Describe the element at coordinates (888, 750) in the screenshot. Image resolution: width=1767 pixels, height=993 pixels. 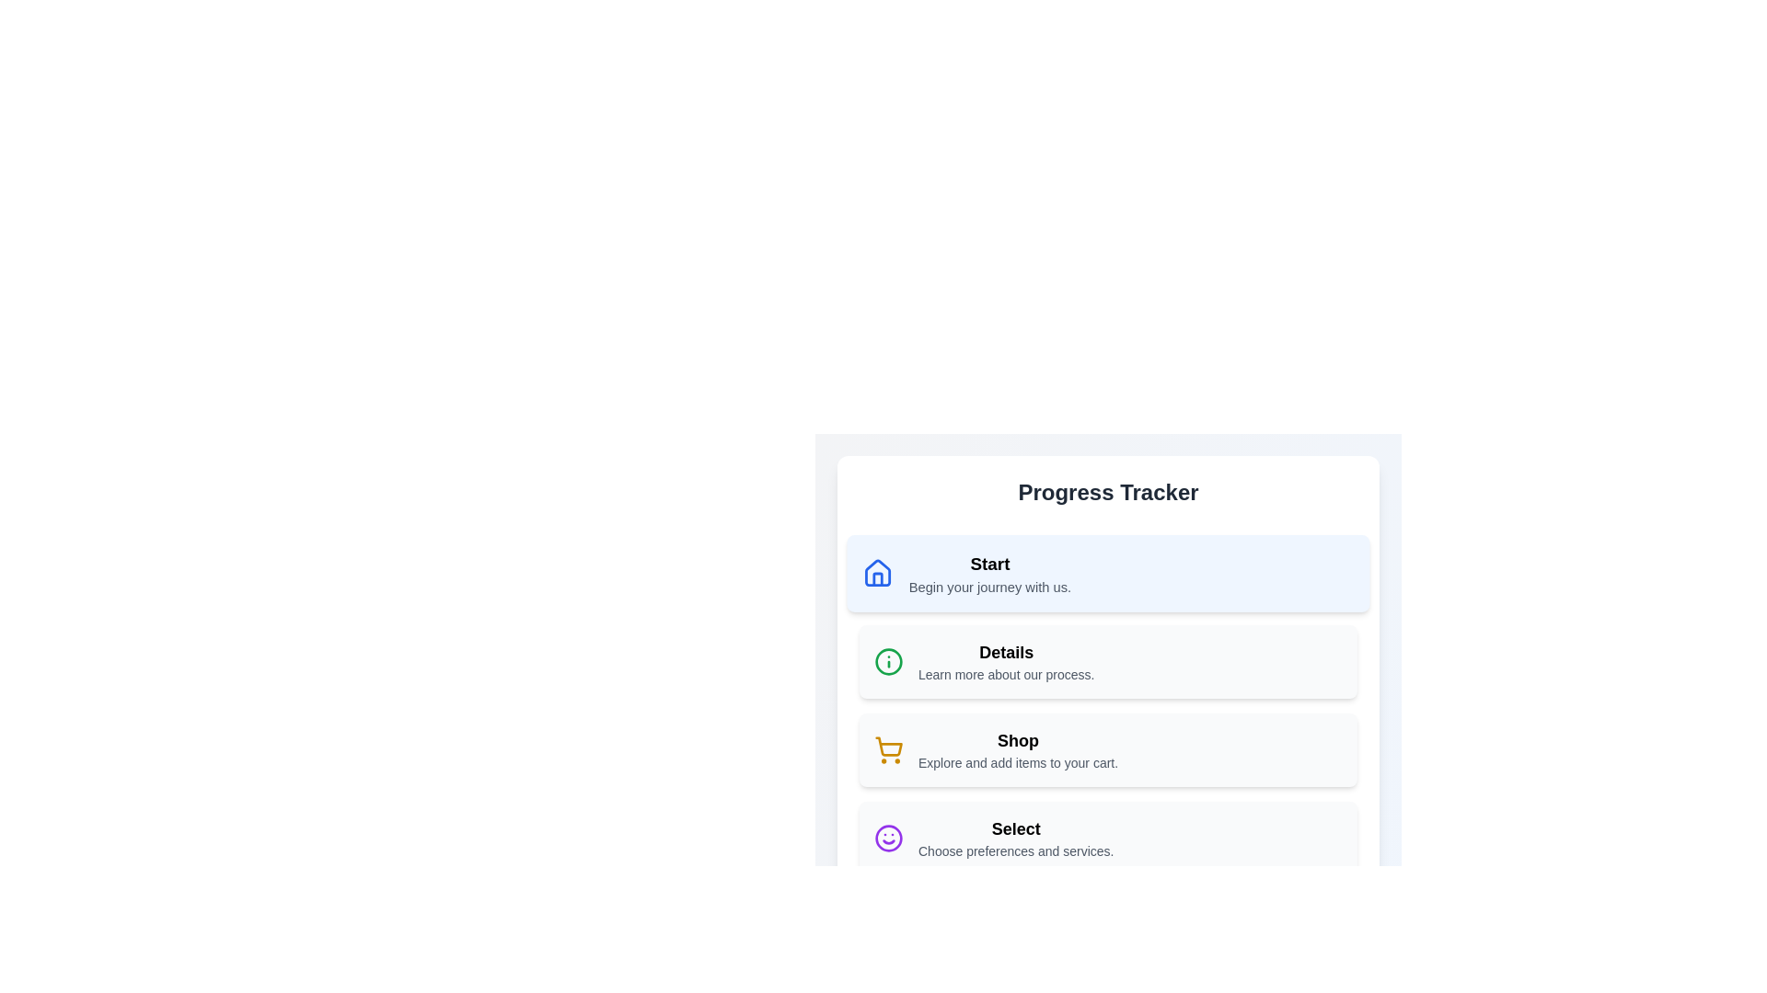
I see `the yellow shopping cart icon located in the third section of the 'Progress Tracker', positioned to the left of the text 'Shop' and 'Explore and add items to your cart'` at that location.